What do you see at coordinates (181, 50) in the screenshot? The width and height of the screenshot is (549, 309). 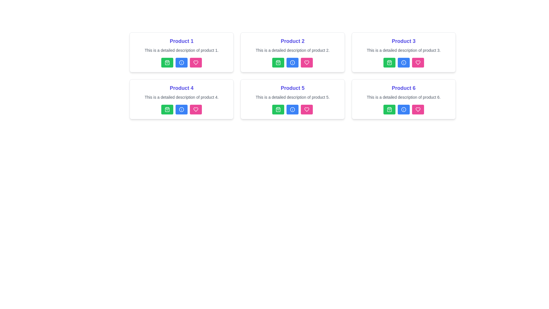 I see `the text label displaying 'This is a detailed description of product 1.' which is located below the title 'Product 1.'` at bounding box center [181, 50].